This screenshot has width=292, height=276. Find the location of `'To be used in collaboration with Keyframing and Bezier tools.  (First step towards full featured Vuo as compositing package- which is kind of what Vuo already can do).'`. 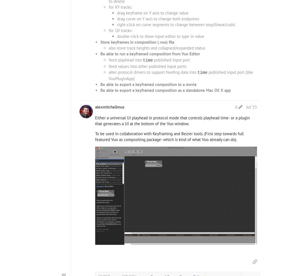

'To be used in collaboration with Keyframing and Bezier tools.  (First step towards full featured Vuo as compositing package- which is kind of what Vuo already can do).' is located at coordinates (169, 137).